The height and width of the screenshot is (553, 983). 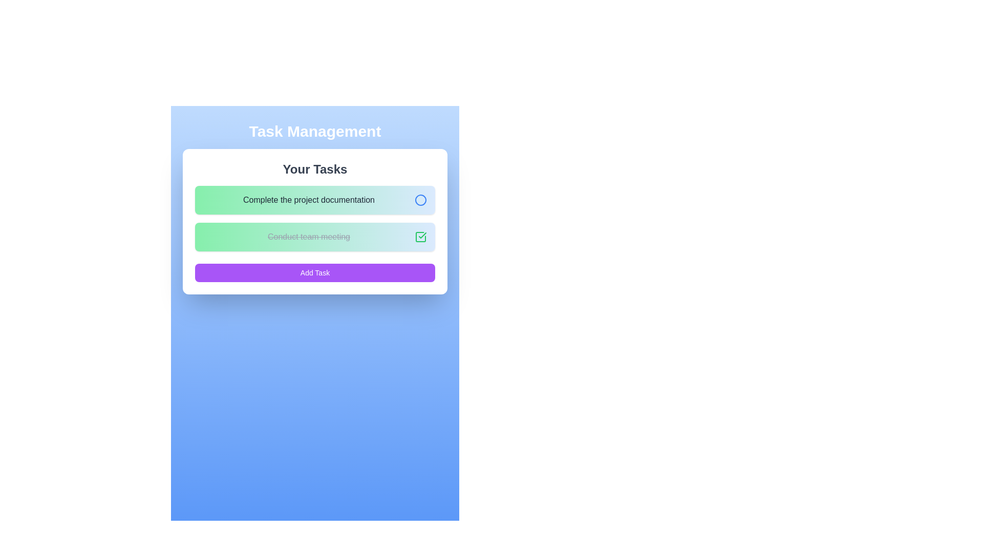 I want to click on the 'Complete the project documentation' task from the Task List, so click(x=314, y=218).